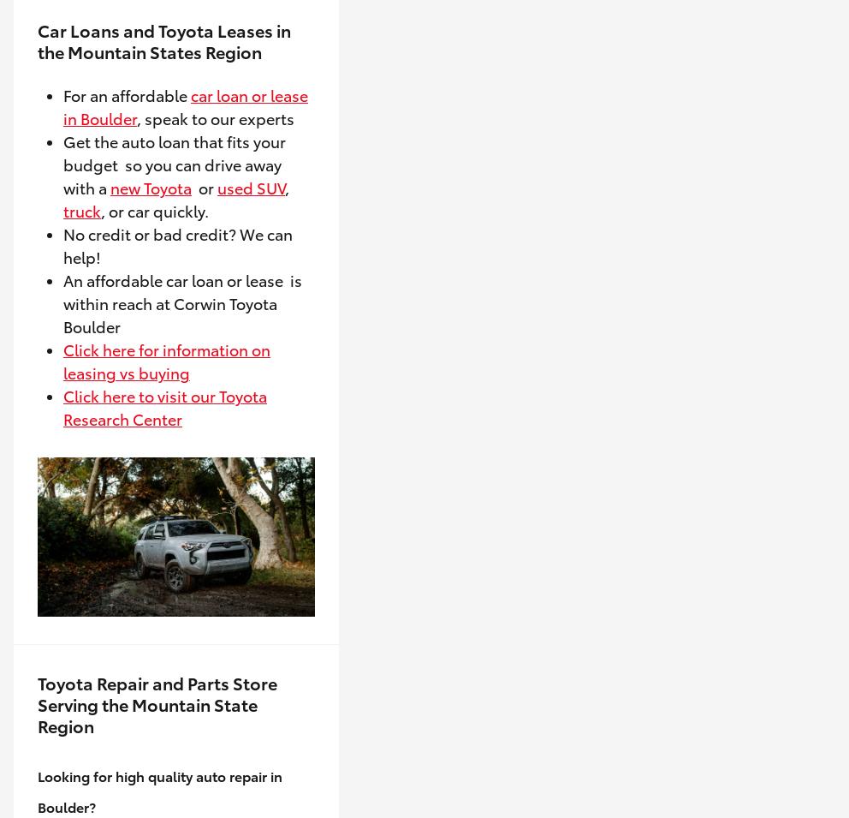 This screenshot has width=849, height=818. Describe the element at coordinates (158, 790) in the screenshot. I see `'Looking for high quality auto repair in 
Boulder?'` at that location.